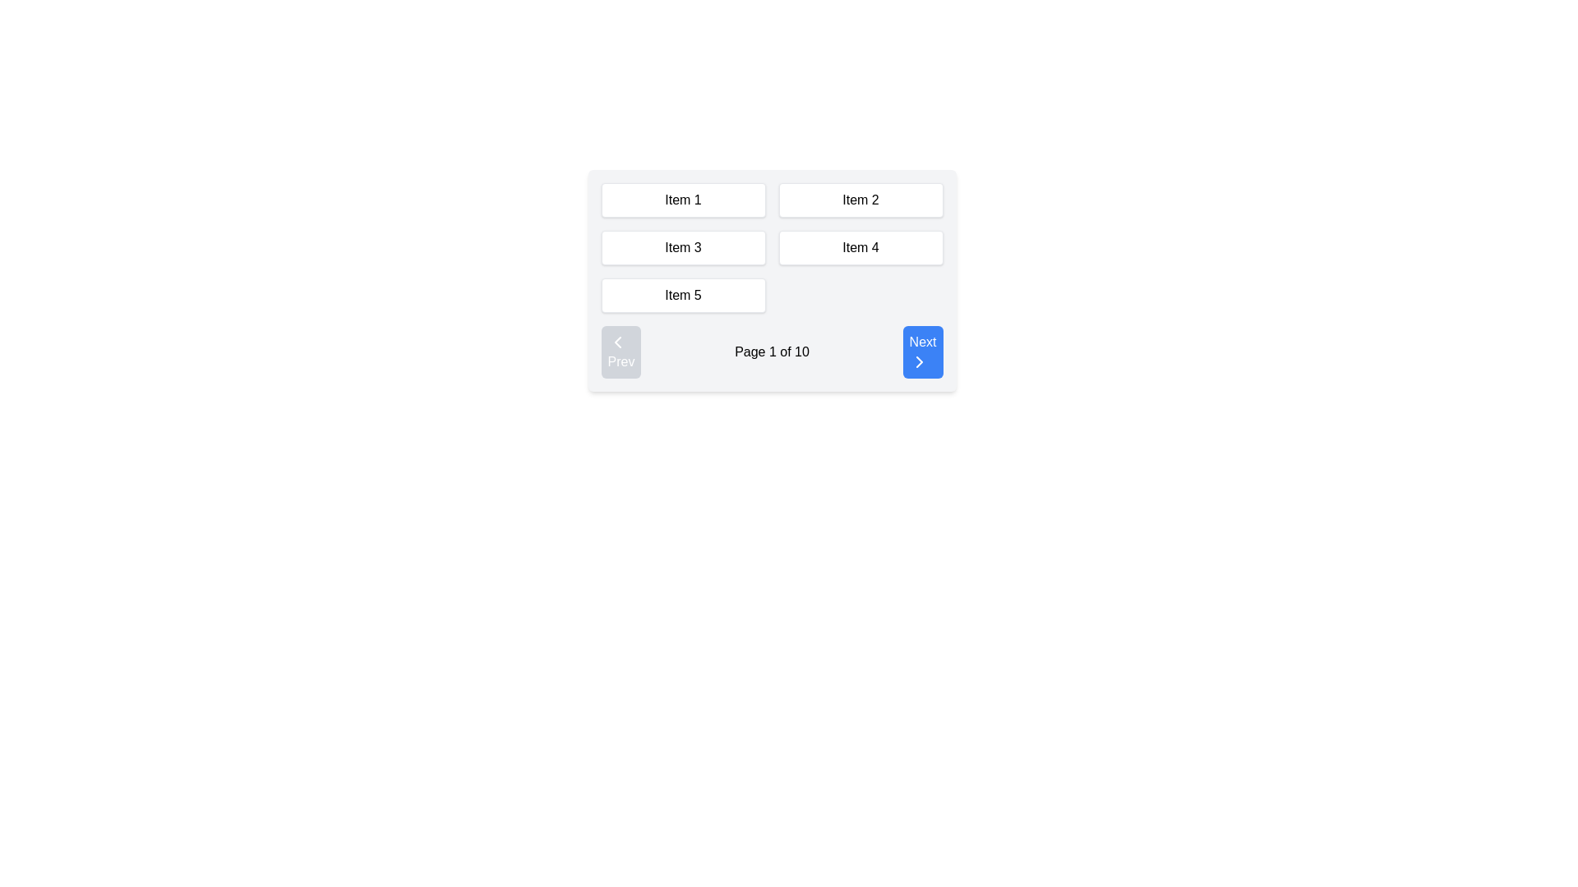 The image size is (1578, 887). I want to click on the right-pointing chevron arrow inside the 'Next' button located at the bottom-right corner of the interface, so click(918, 361).